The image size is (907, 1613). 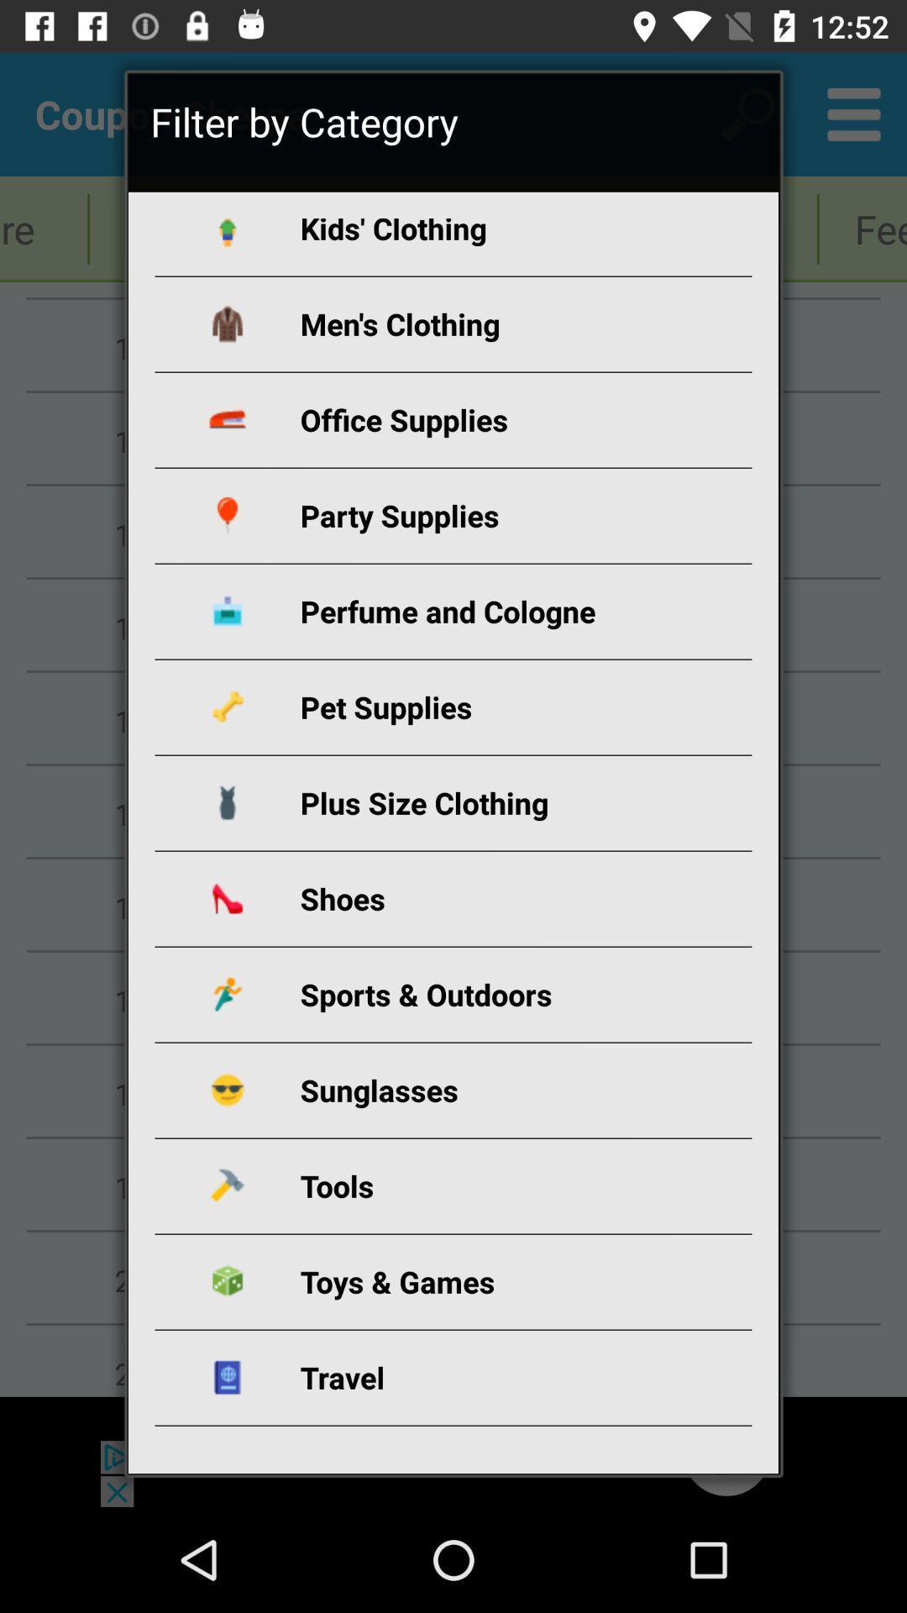 What do you see at coordinates (473, 994) in the screenshot?
I see `icon below the shoes app` at bounding box center [473, 994].